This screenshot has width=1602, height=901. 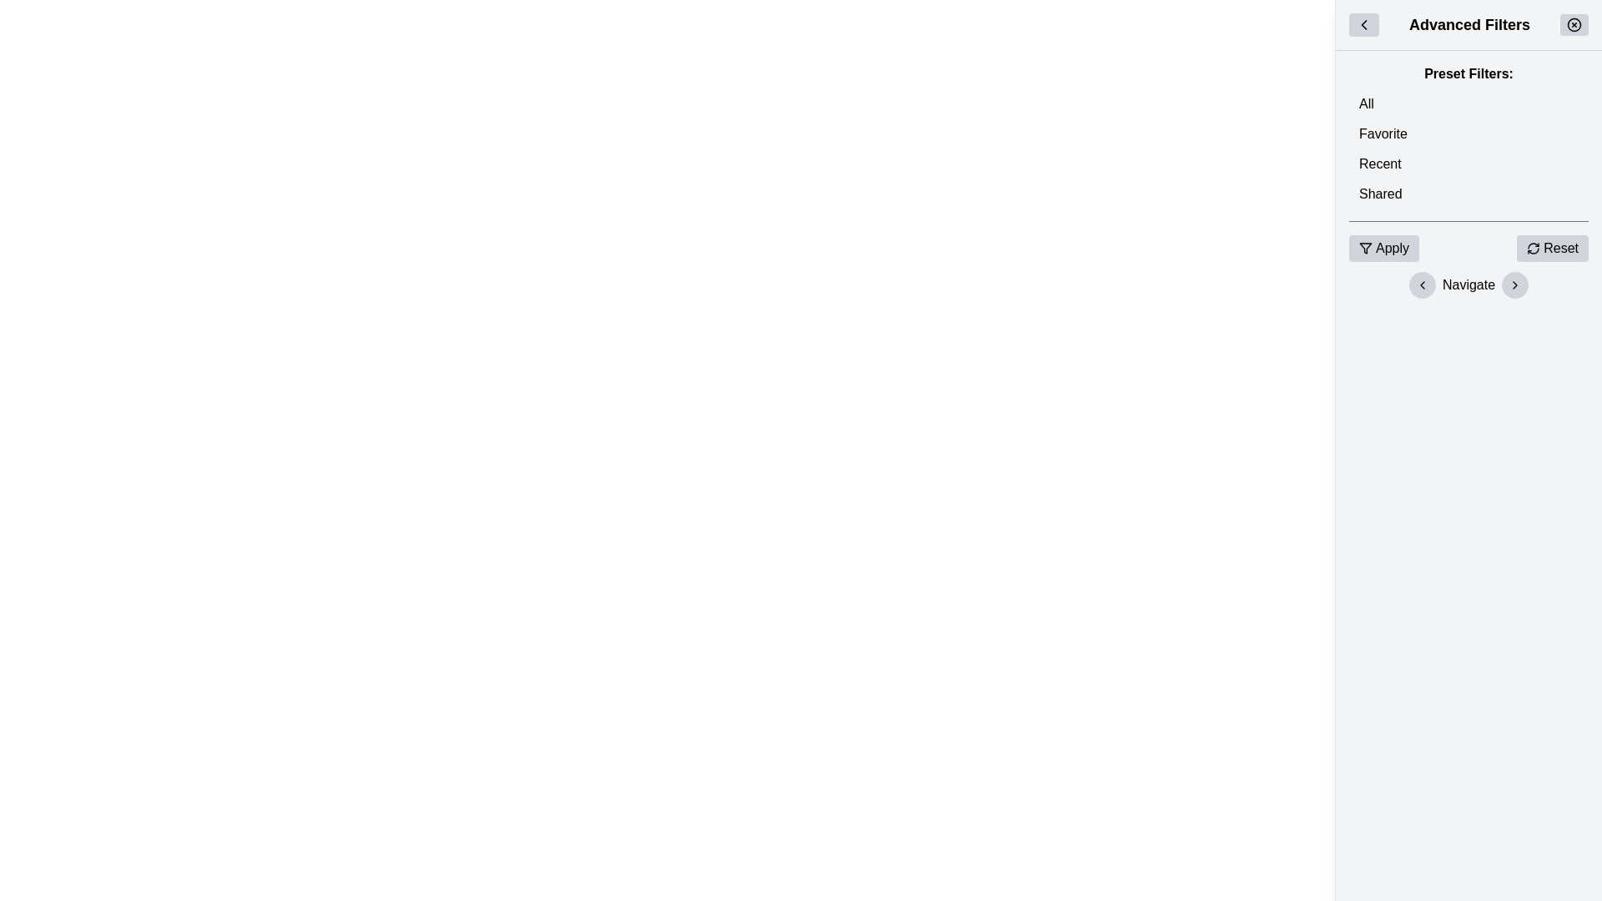 What do you see at coordinates (1573, 25) in the screenshot?
I see `the circular button with an 'X' icon located to the far-right of the 'Advanced Filters' header to change its background color` at bounding box center [1573, 25].